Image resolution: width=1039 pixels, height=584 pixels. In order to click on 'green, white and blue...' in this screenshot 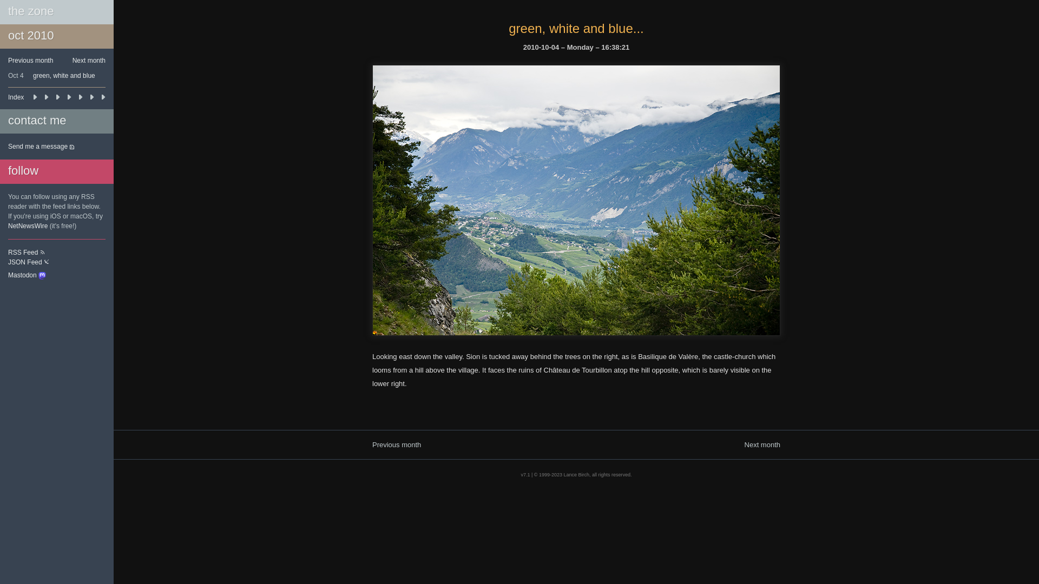, I will do `click(508, 28)`.